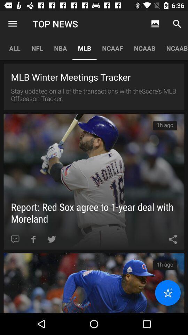 This screenshot has width=188, height=335. I want to click on the star icon, so click(167, 293).